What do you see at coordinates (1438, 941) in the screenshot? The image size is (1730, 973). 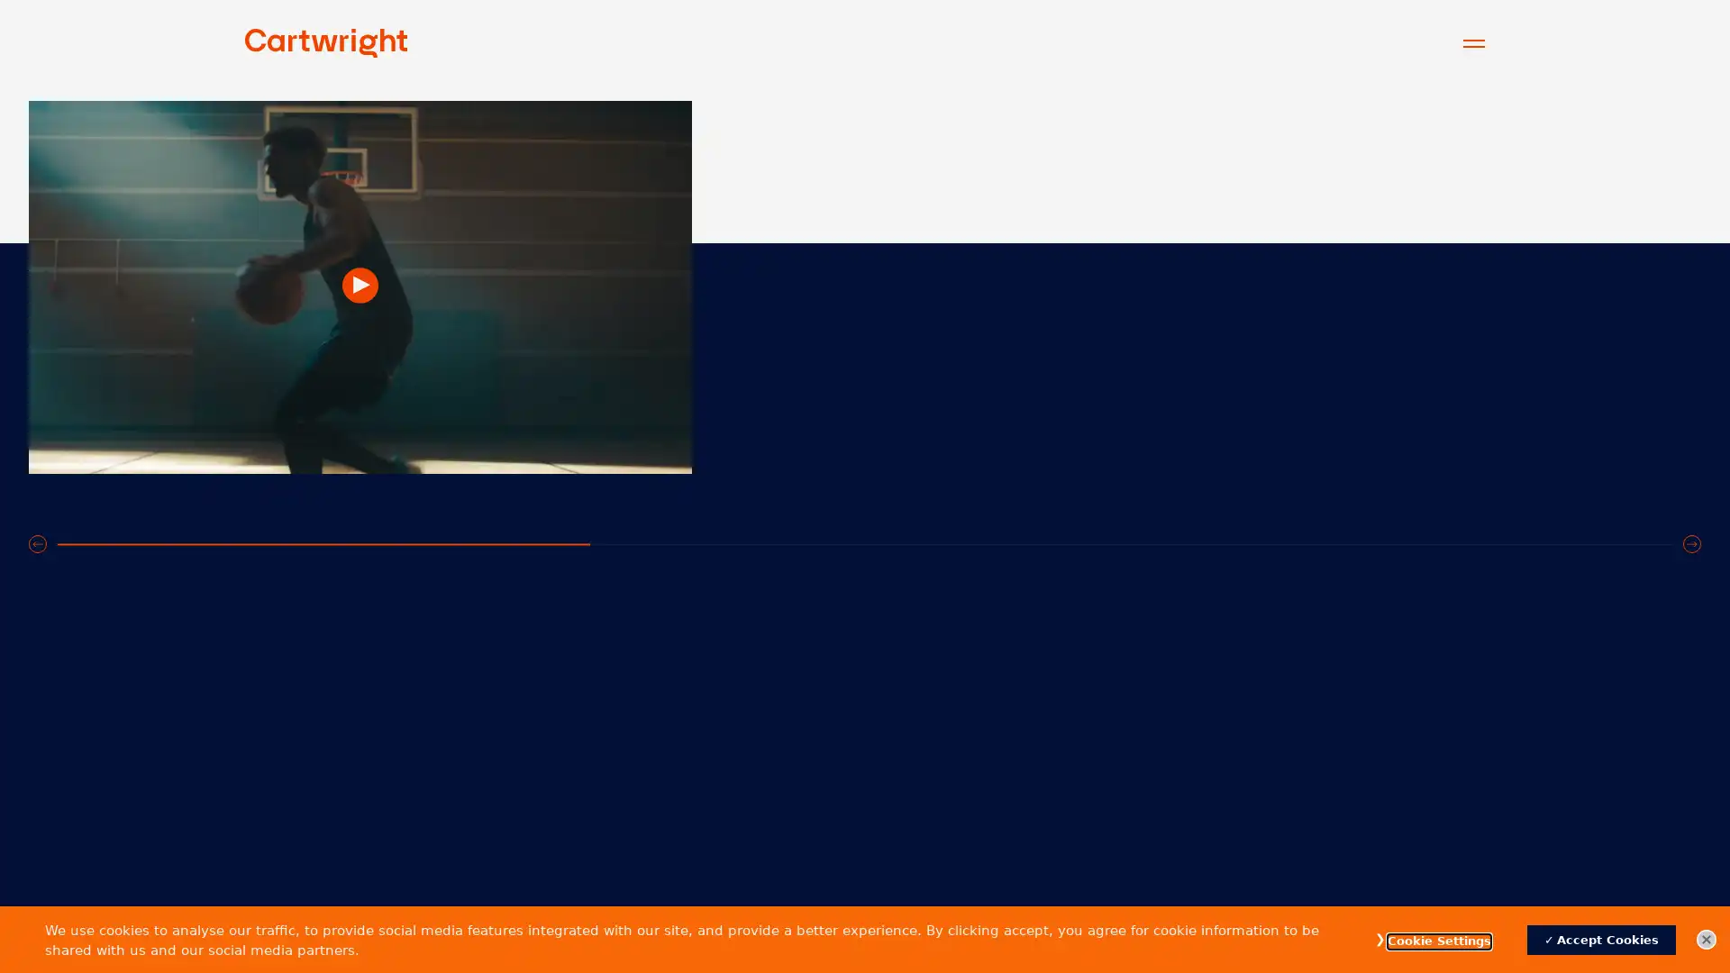 I see `Cookie Settings` at bounding box center [1438, 941].